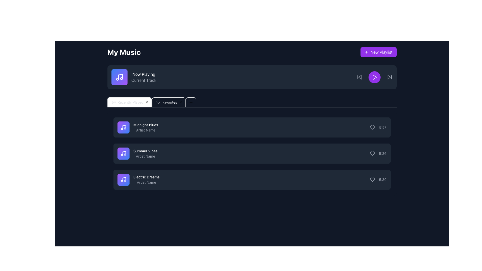 Image resolution: width=482 pixels, height=271 pixels. I want to click on the 'Favorites' tab, which is the second tab in the horizontal tab navigation and features a heart-shaped icon, so click(169, 102).